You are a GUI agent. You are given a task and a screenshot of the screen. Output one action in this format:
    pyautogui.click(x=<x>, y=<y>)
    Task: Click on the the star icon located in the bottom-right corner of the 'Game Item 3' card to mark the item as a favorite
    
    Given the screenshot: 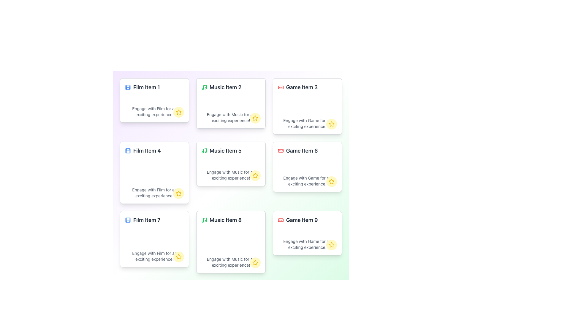 What is the action you would take?
    pyautogui.click(x=331, y=124)
    